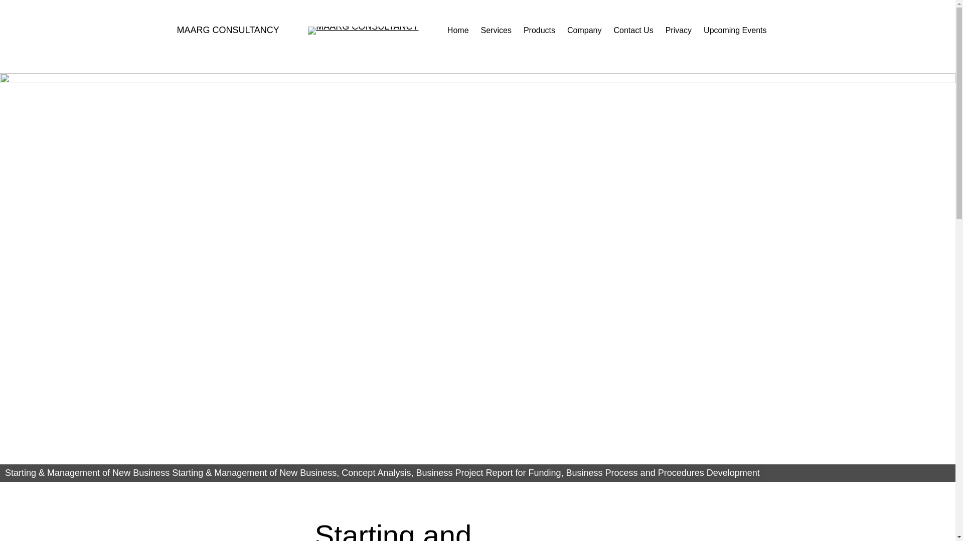 This screenshot has height=541, width=963. What do you see at coordinates (613, 30) in the screenshot?
I see `'Contact Us'` at bounding box center [613, 30].